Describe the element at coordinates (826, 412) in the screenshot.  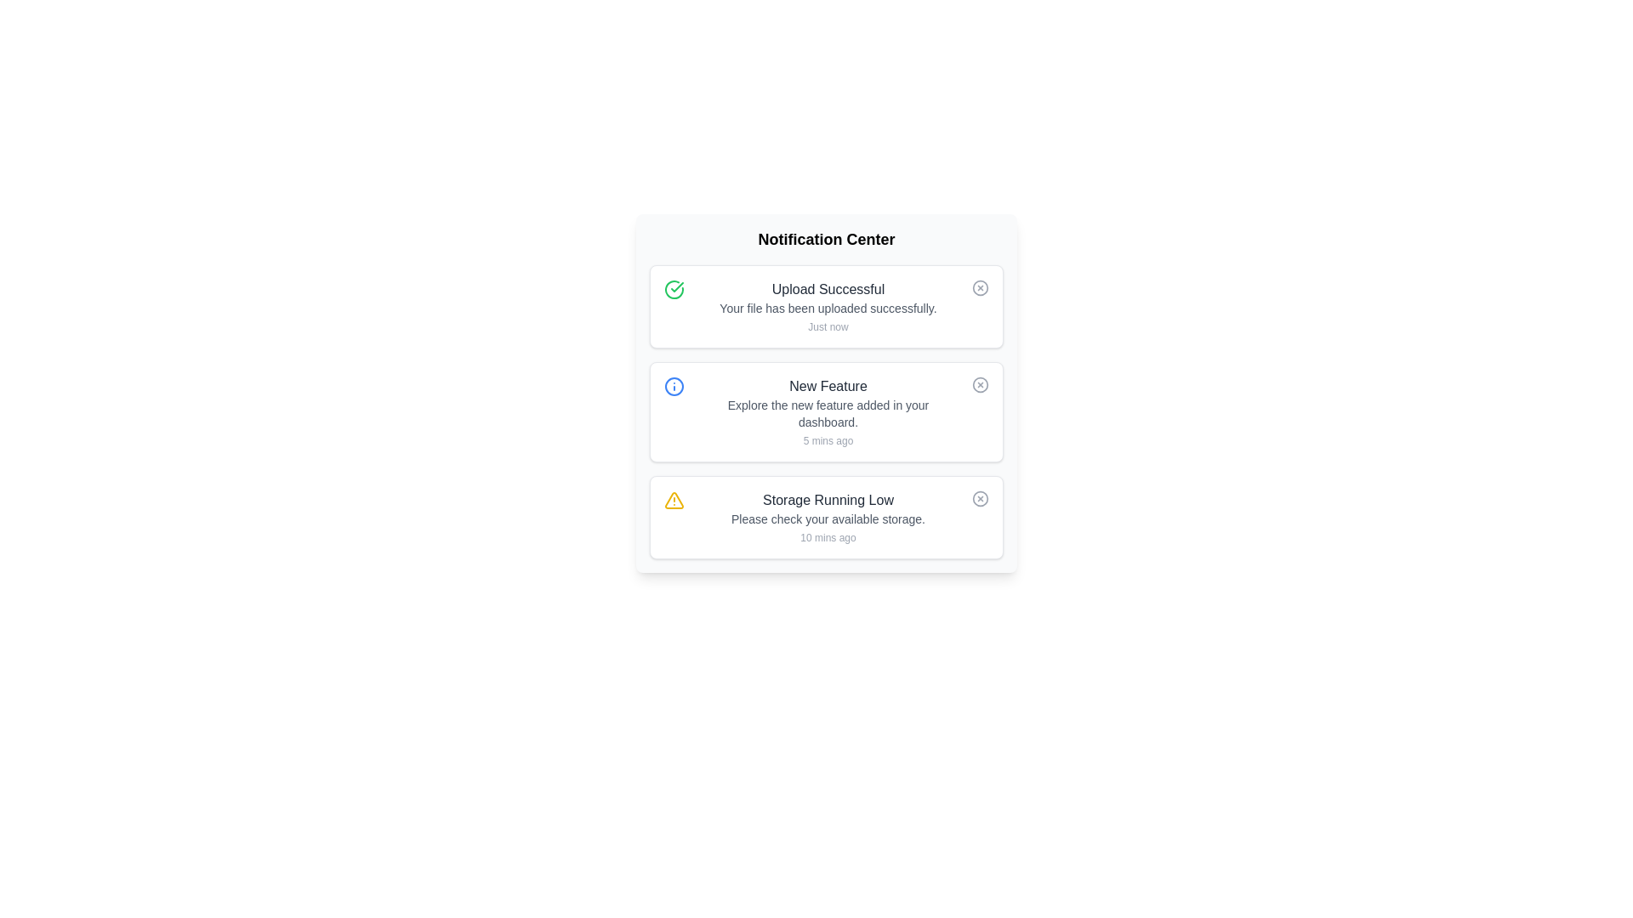
I see `the second notification card in the 'Notification Center' that contains the title 'New Feature'` at that location.